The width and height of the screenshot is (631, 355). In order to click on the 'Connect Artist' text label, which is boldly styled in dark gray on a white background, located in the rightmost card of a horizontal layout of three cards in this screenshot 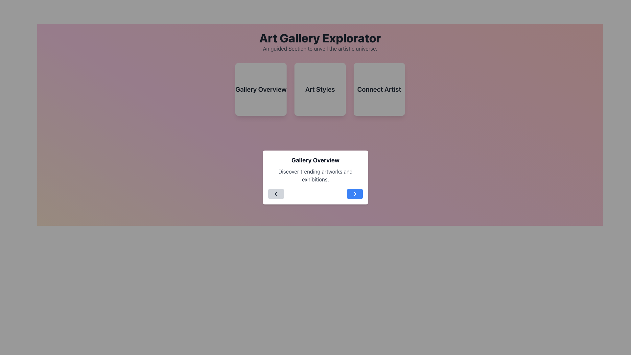, I will do `click(379, 89)`.